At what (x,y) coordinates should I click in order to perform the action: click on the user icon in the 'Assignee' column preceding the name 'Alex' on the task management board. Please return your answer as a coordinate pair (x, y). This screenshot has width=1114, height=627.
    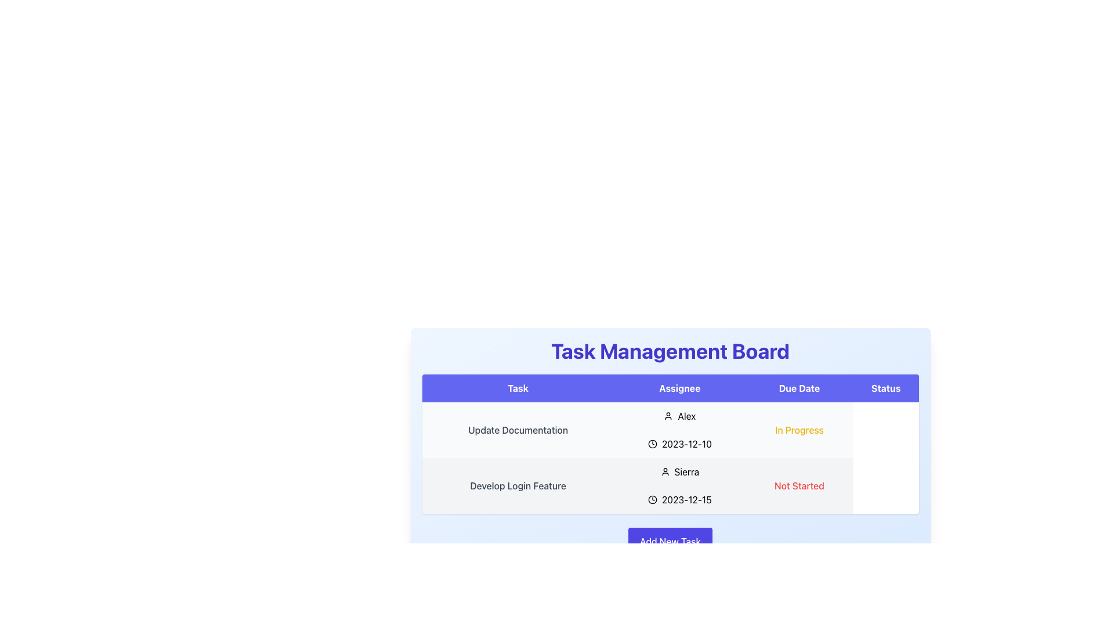
    Looking at the image, I should click on (668, 416).